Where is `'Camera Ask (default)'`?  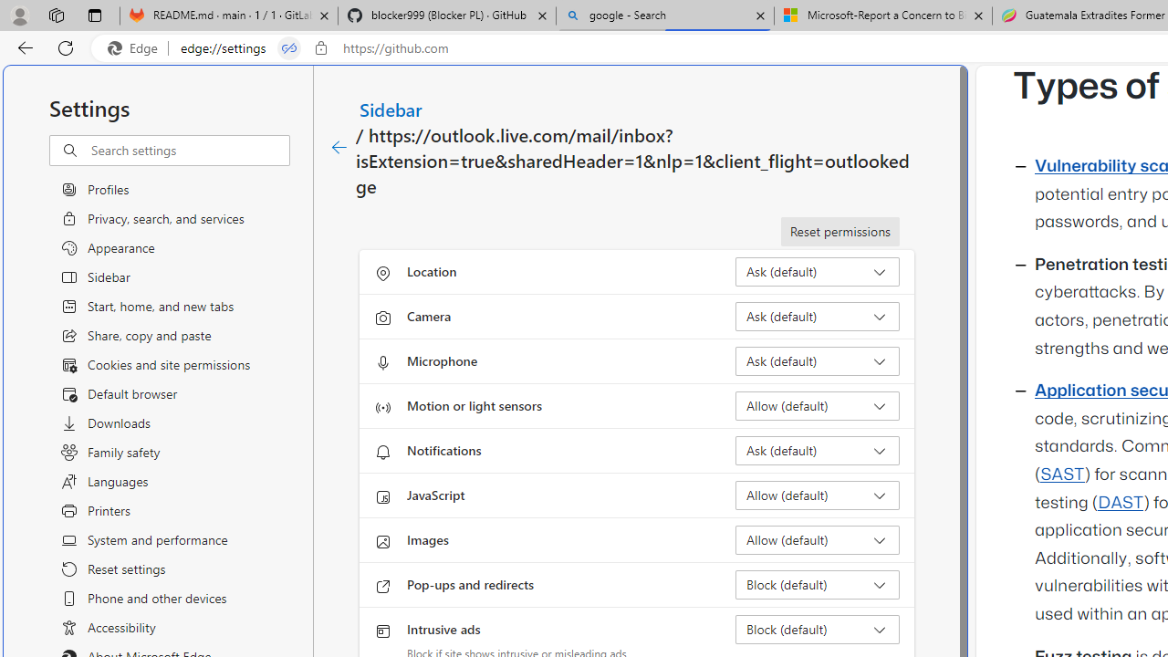 'Camera Ask (default)' is located at coordinates (817, 316).